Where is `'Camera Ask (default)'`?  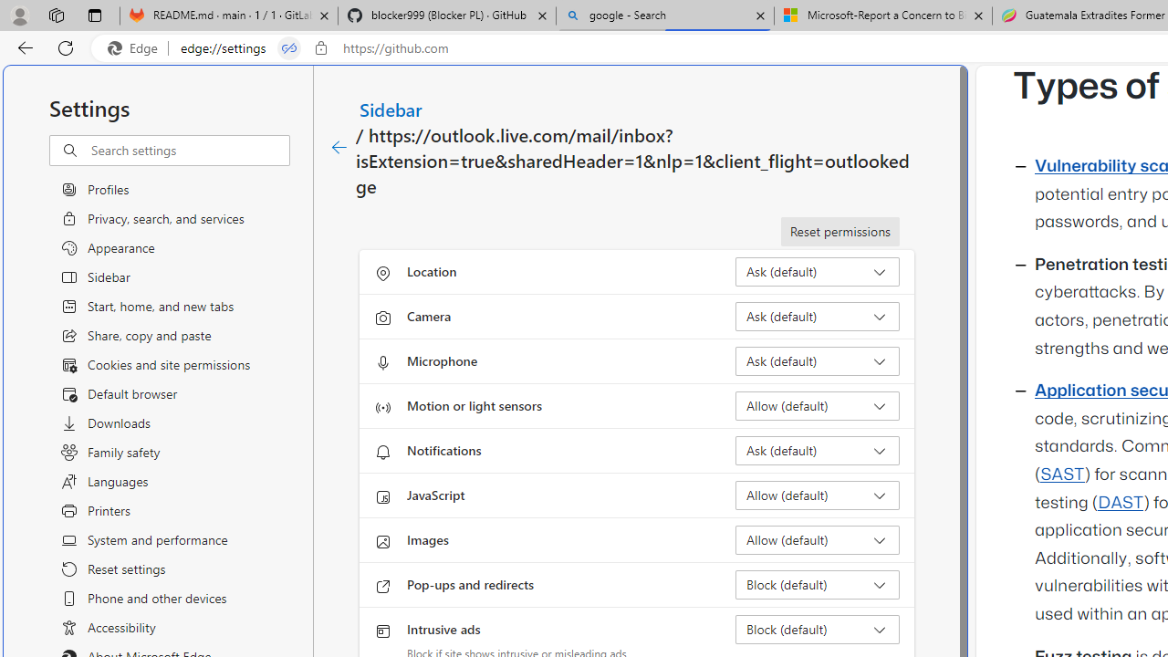 'Camera Ask (default)' is located at coordinates (817, 316).